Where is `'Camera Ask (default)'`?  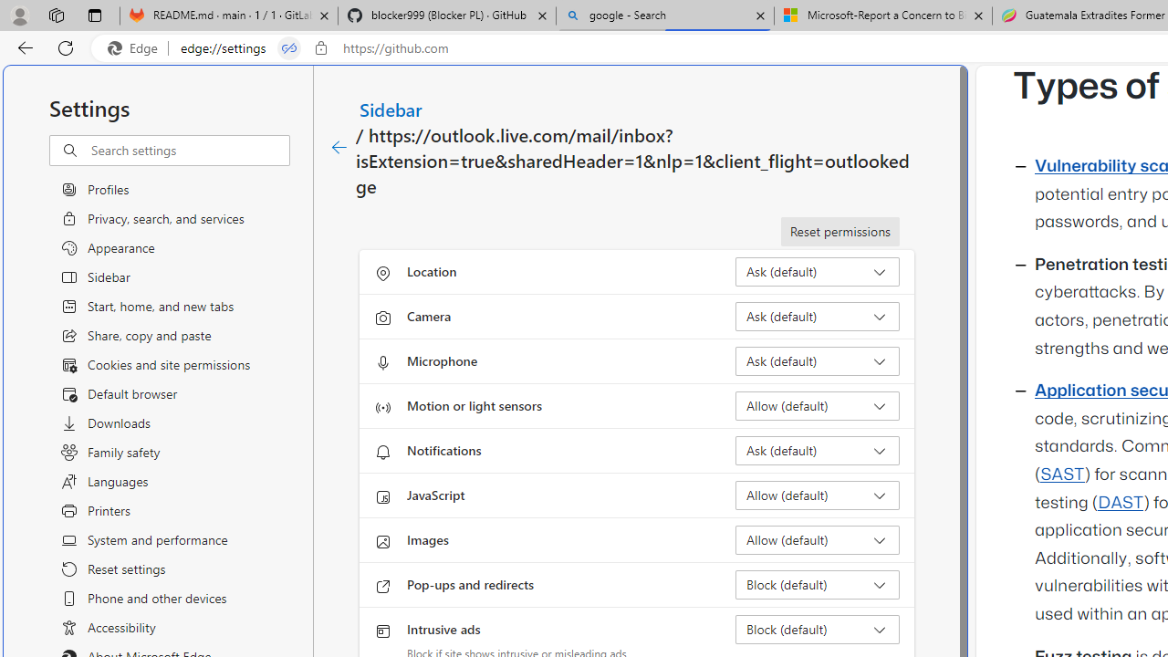 'Camera Ask (default)' is located at coordinates (817, 316).